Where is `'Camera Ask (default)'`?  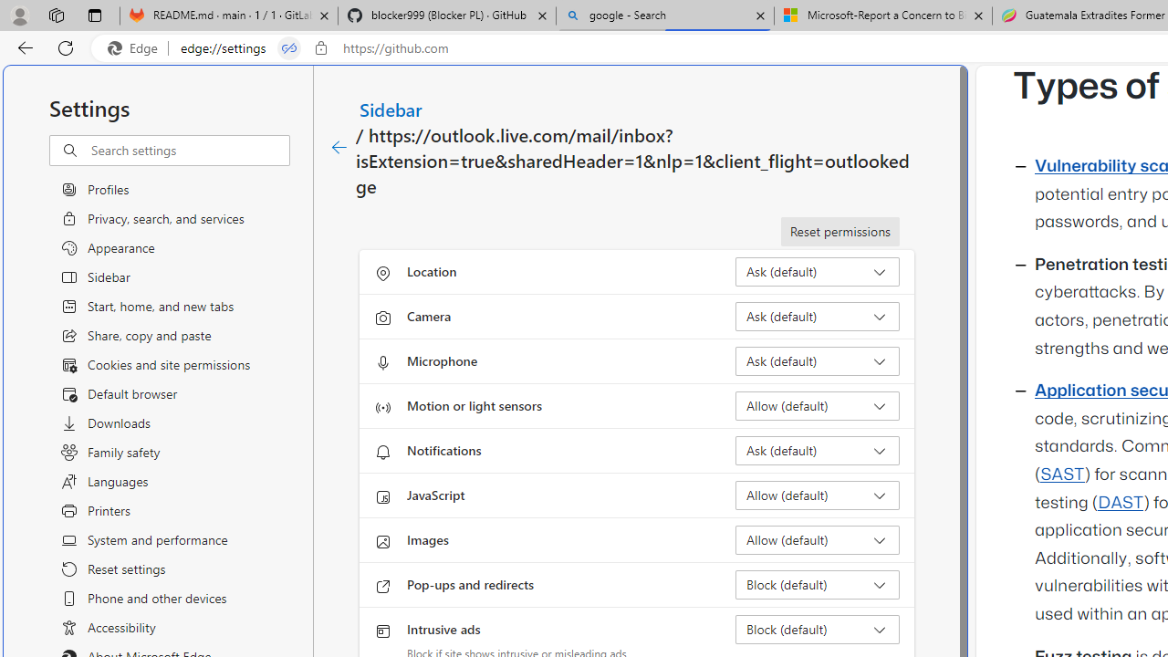 'Camera Ask (default)' is located at coordinates (817, 316).